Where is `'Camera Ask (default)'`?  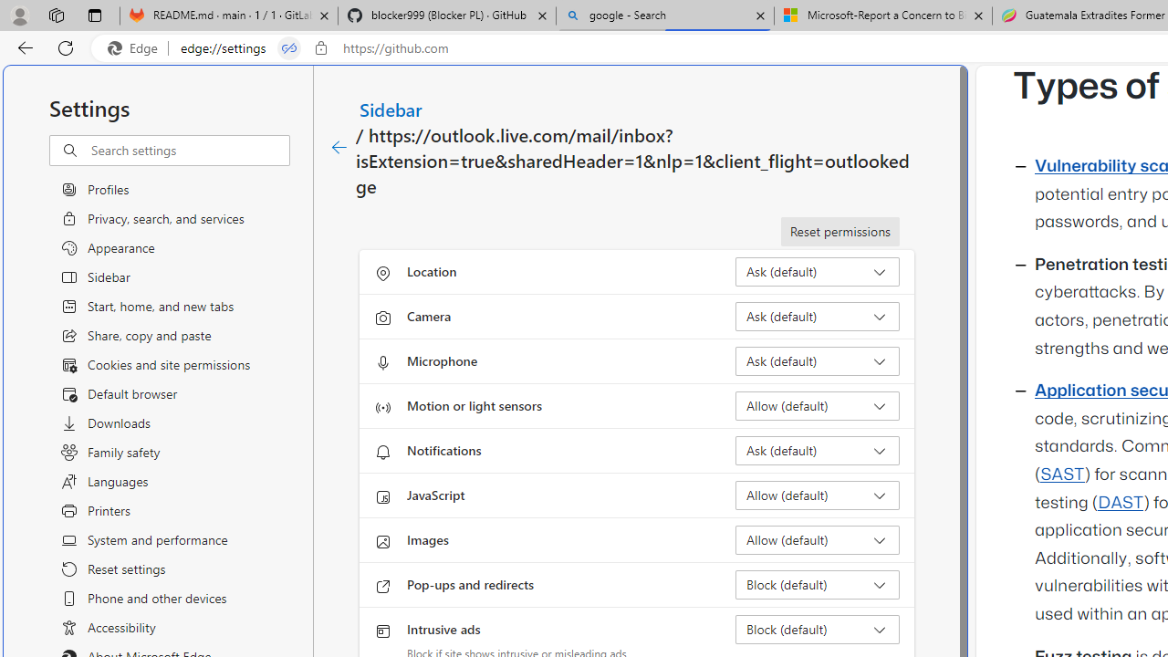 'Camera Ask (default)' is located at coordinates (817, 316).